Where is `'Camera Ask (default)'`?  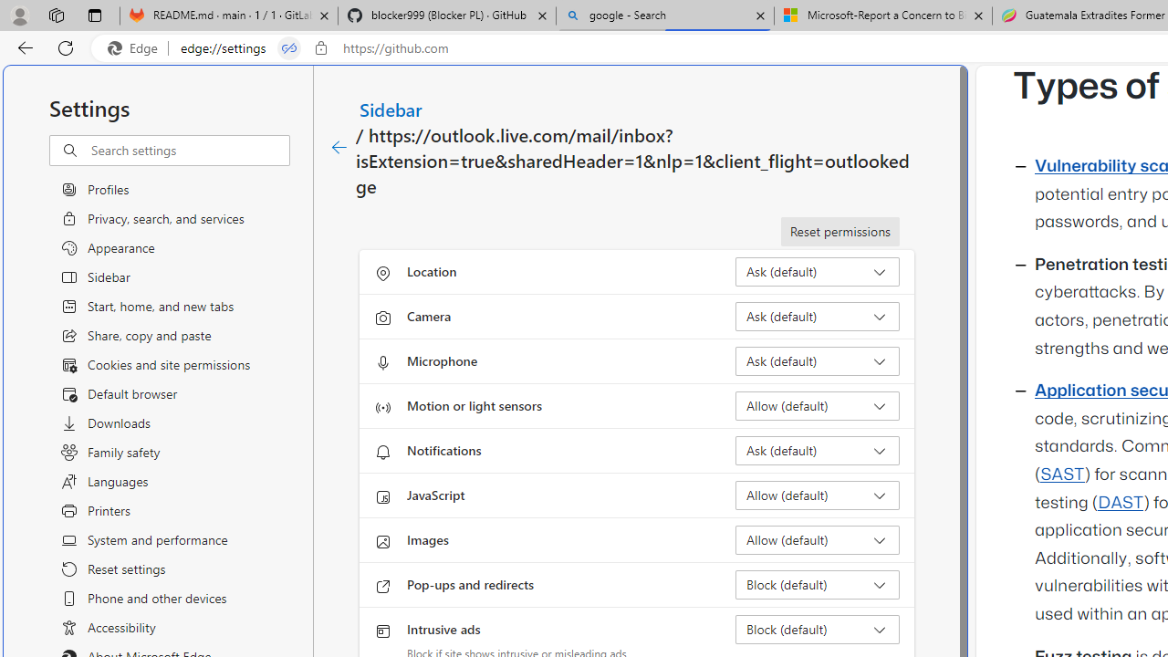 'Camera Ask (default)' is located at coordinates (817, 316).